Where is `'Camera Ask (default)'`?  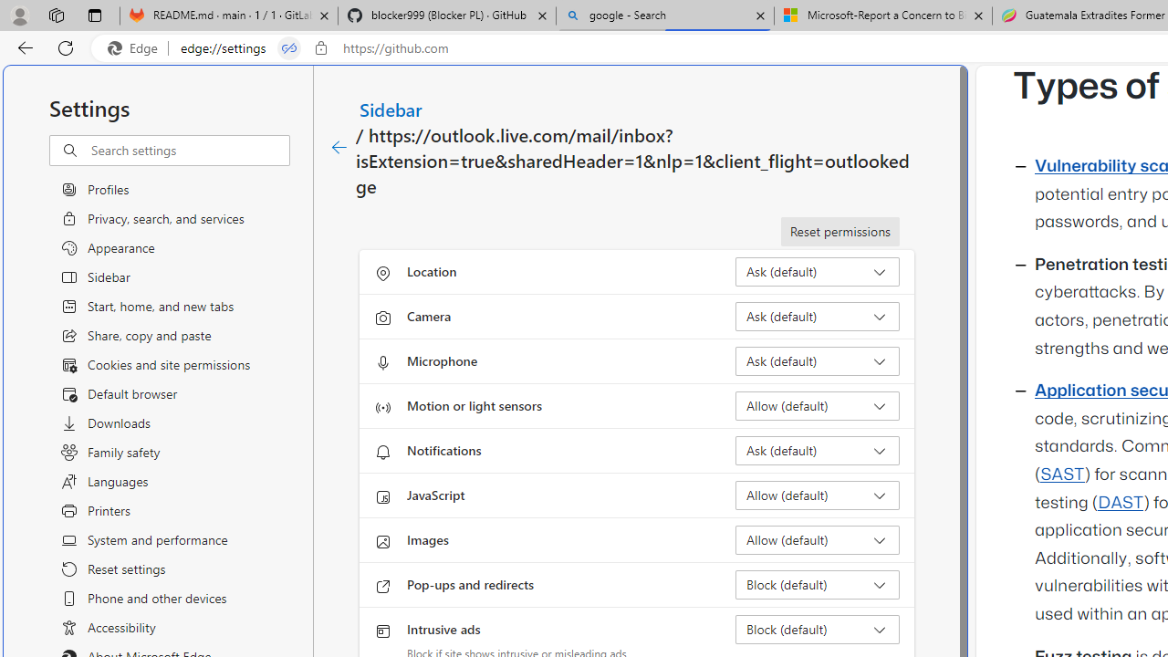 'Camera Ask (default)' is located at coordinates (817, 316).